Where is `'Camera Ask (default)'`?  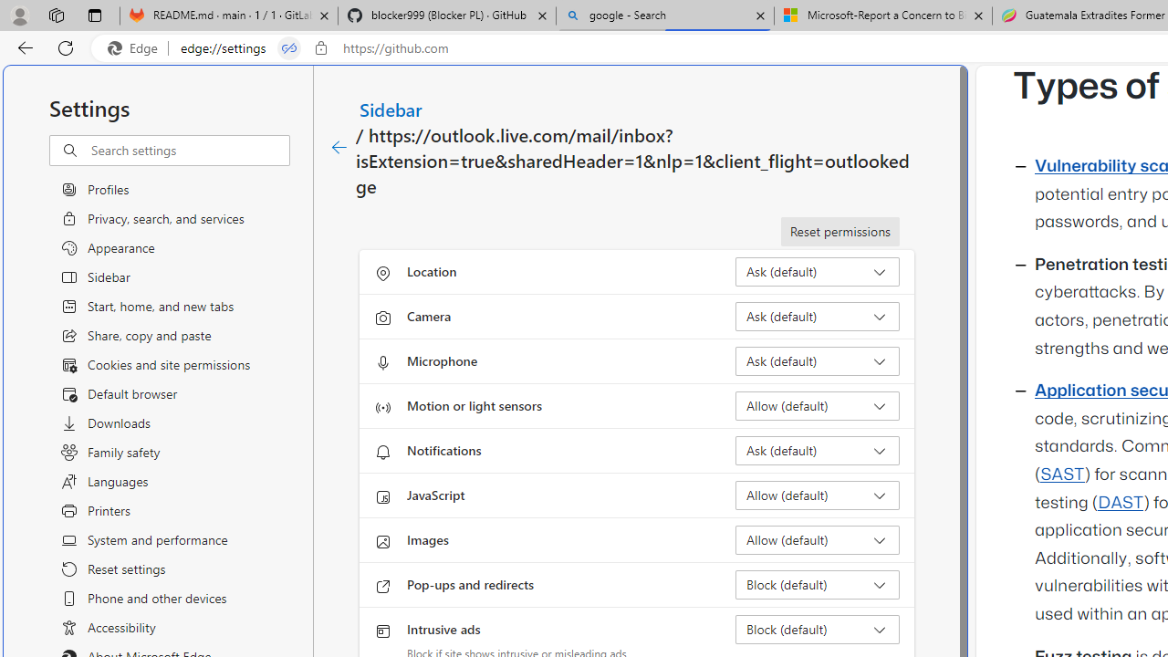 'Camera Ask (default)' is located at coordinates (817, 316).